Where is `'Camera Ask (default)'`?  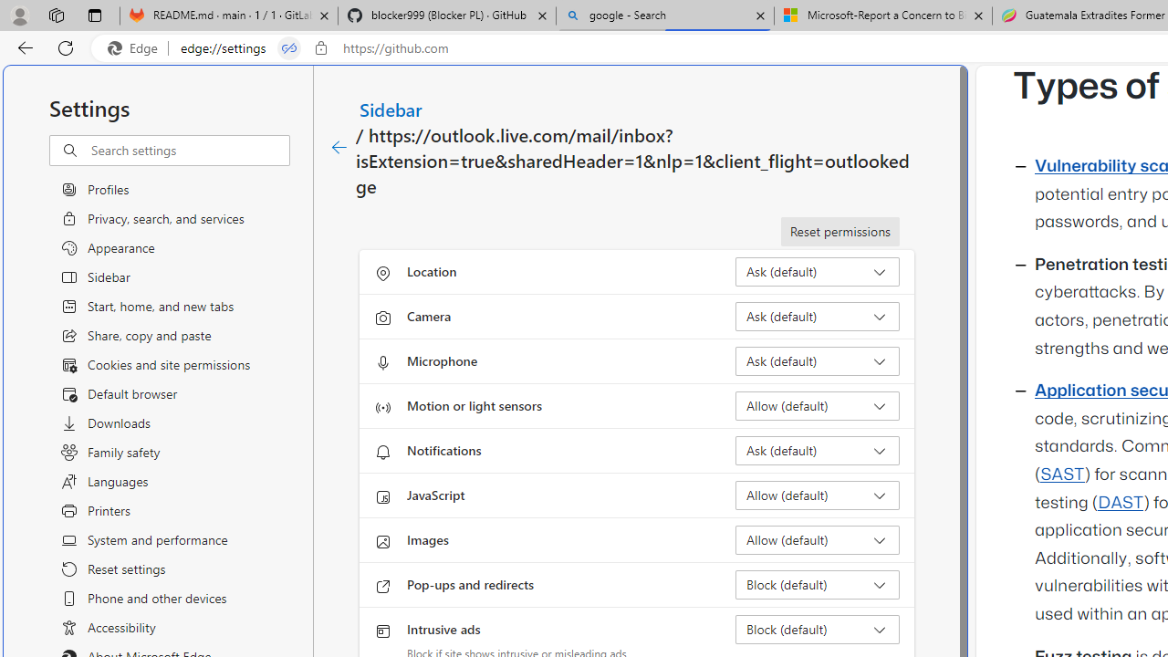 'Camera Ask (default)' is located at coordinates (817, 316).